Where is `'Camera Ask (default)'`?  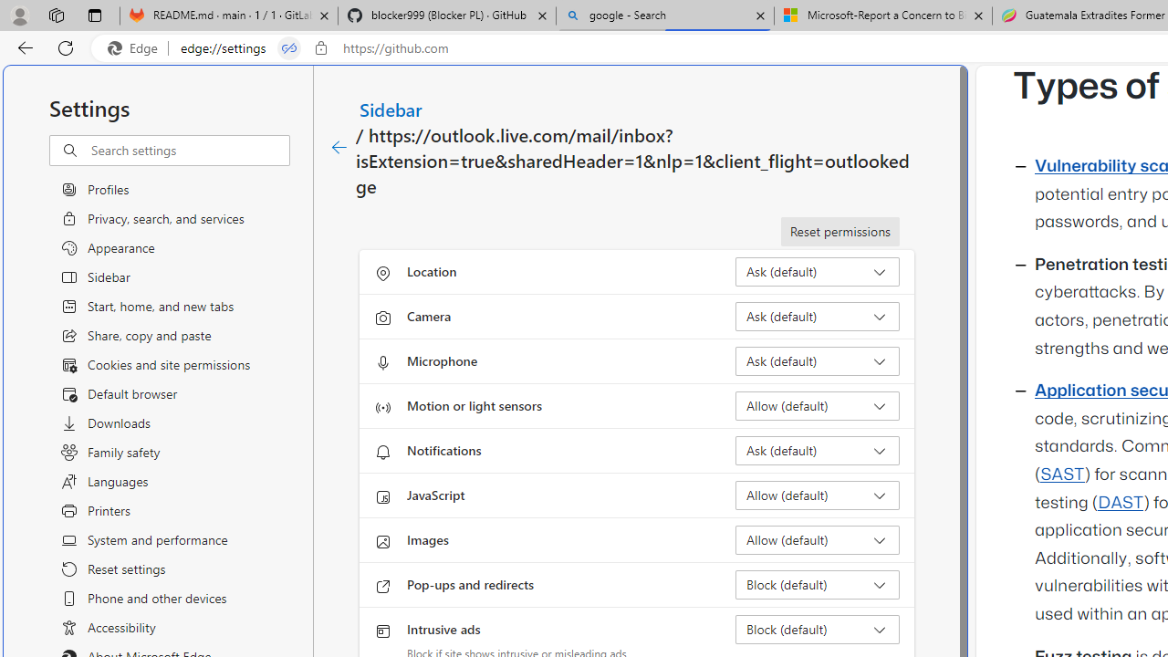 'Camera Ask (default)' is located at coordinates (817, 316).